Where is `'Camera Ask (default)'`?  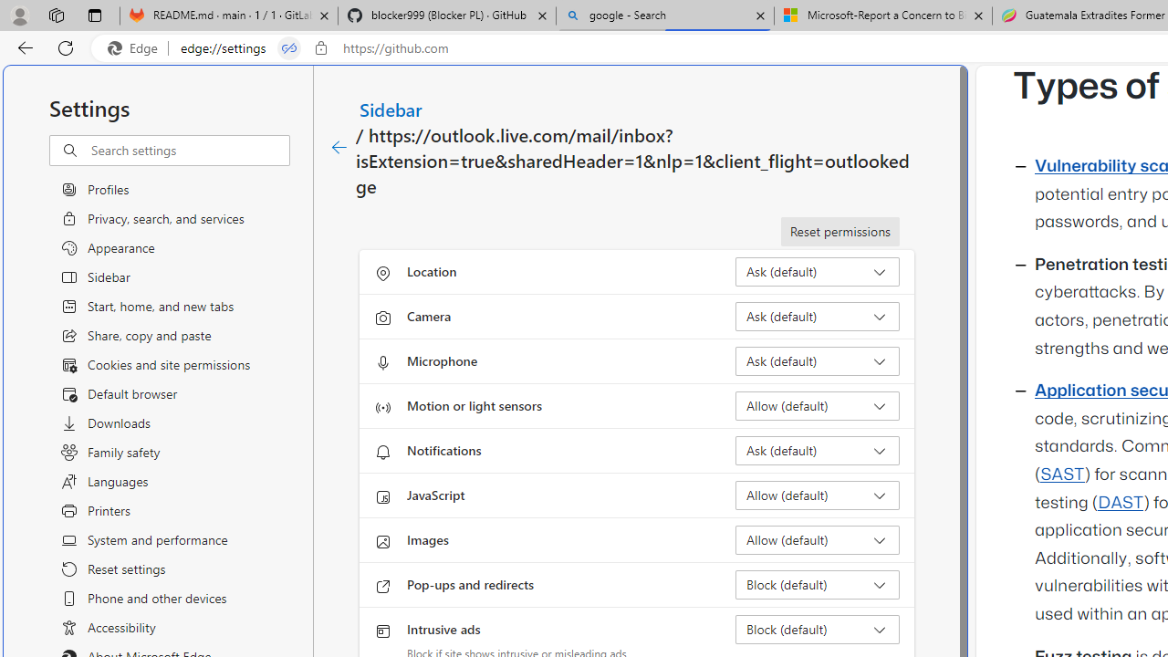 'Camera Ask (default)' is located at coordinates (817, 316).